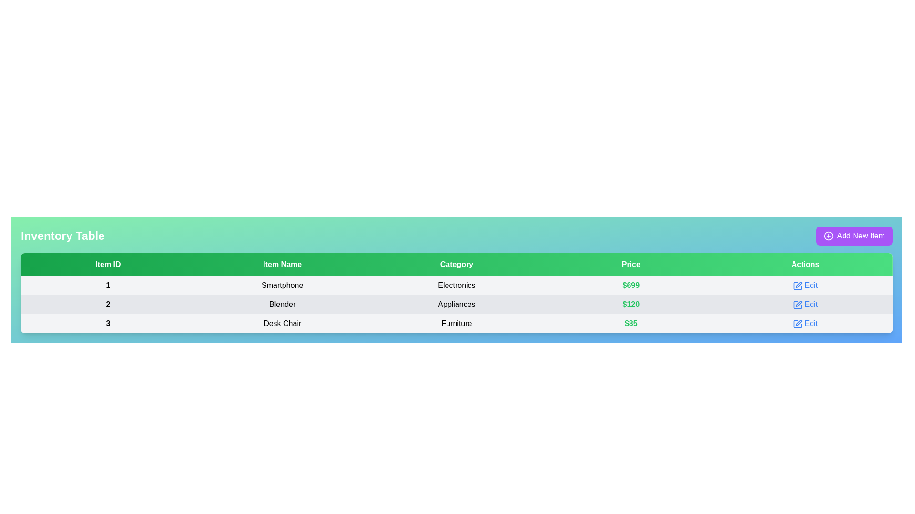  Describe the element at coordinates (805, 323) in the screenshot. I see `the interactive text label saying 'Edit' with a pen icon in the 'Actions' column corresponding to the 'Desk Chair' entry to initiate editing` at that location.